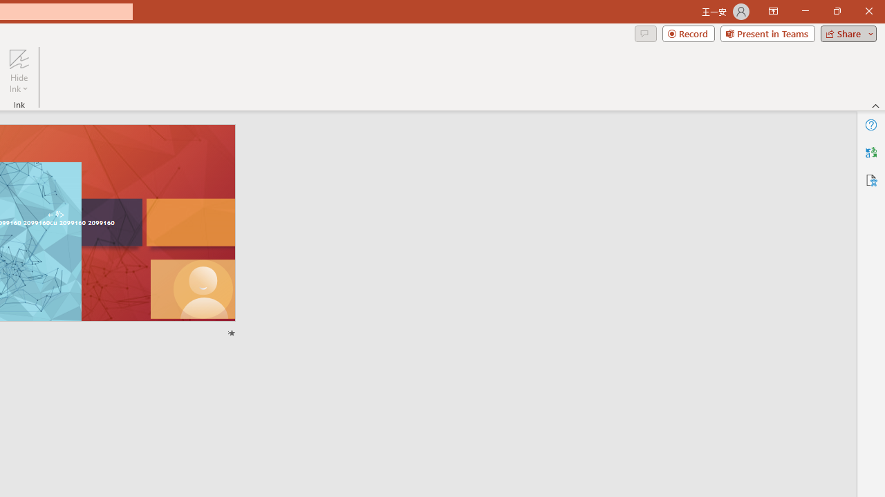 This screenshot has width=885, height=497. Describe the element at coordinates (19, 71) in the screenshot. I see `'Hide Ink'` at that location.